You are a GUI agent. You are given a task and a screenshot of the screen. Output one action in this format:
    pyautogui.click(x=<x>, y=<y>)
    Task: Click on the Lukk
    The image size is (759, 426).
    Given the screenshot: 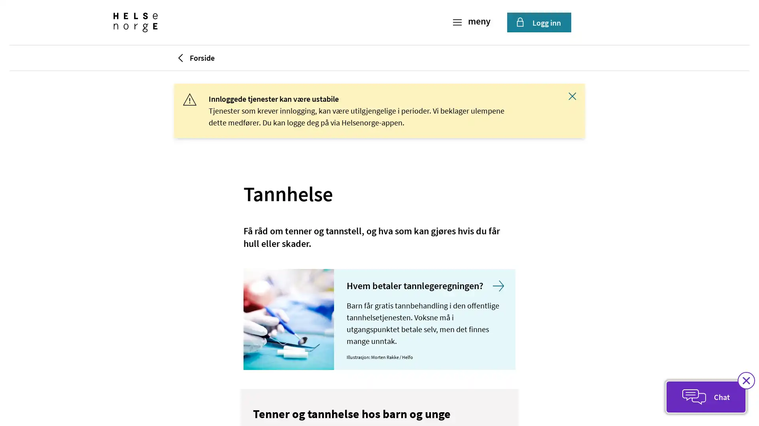 What is the action you would take?
    pyautogui.click(x=572, y=95)
    